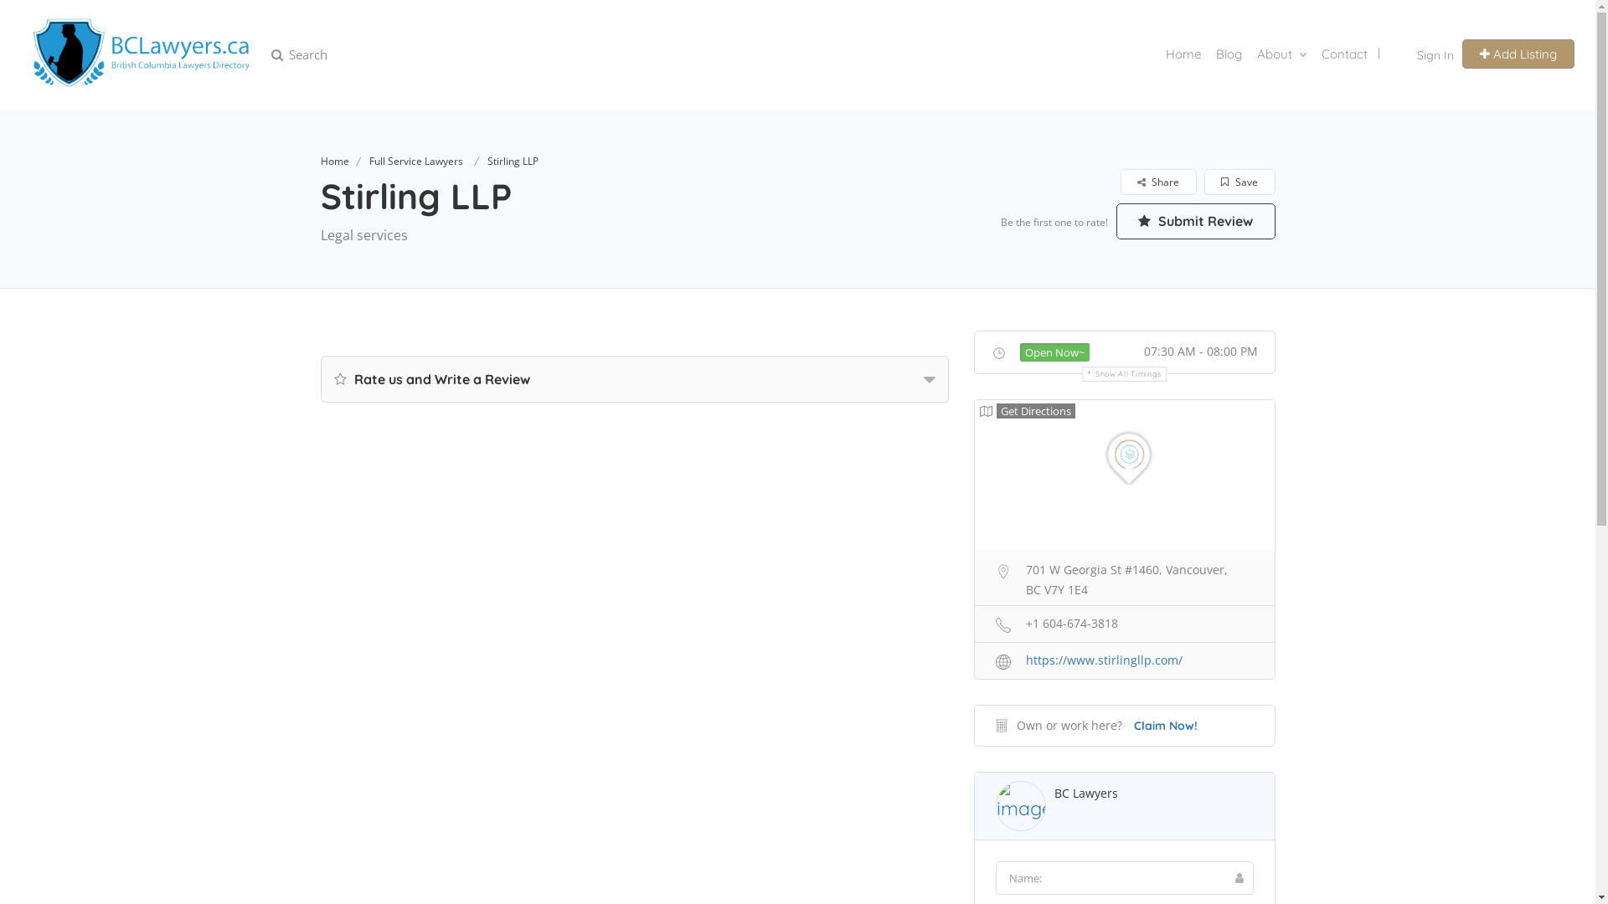  What do you see at coordinates (333, 161) in the screenshot?
I see `'Home'` at bounding box center [333, 161].